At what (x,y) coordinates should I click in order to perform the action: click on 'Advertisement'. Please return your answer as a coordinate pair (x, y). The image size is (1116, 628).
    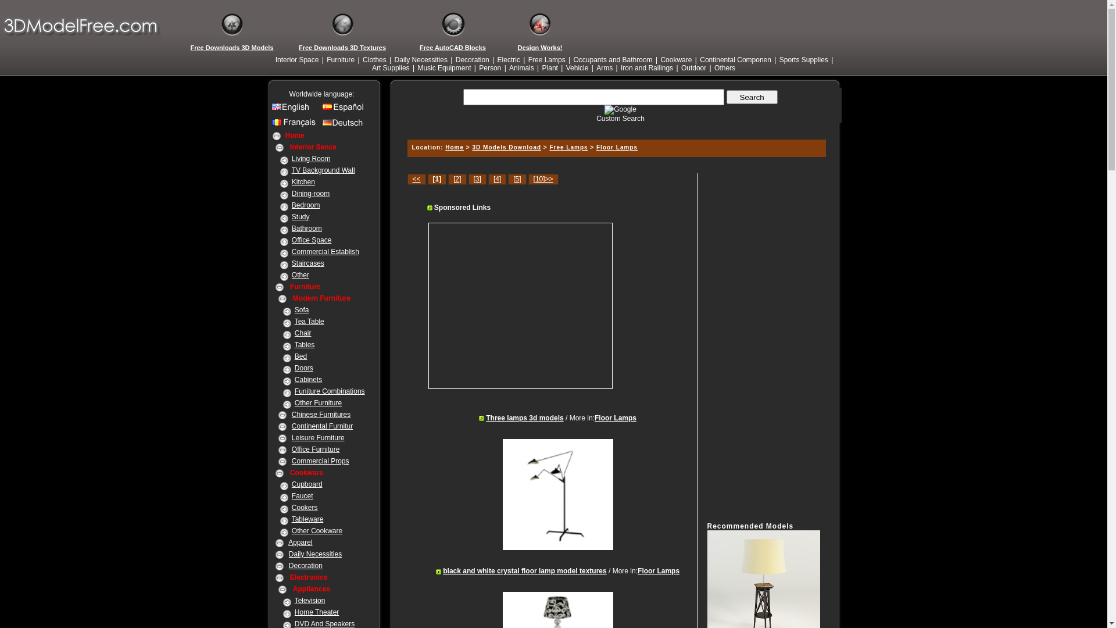
    Looking at the image, I should click on (527, 305).